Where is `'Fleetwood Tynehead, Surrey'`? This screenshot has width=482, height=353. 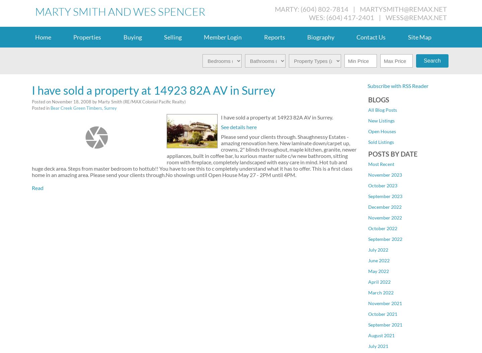
'Fleetwood Tynehead, Surrey' is located at coordinates (397, 179).